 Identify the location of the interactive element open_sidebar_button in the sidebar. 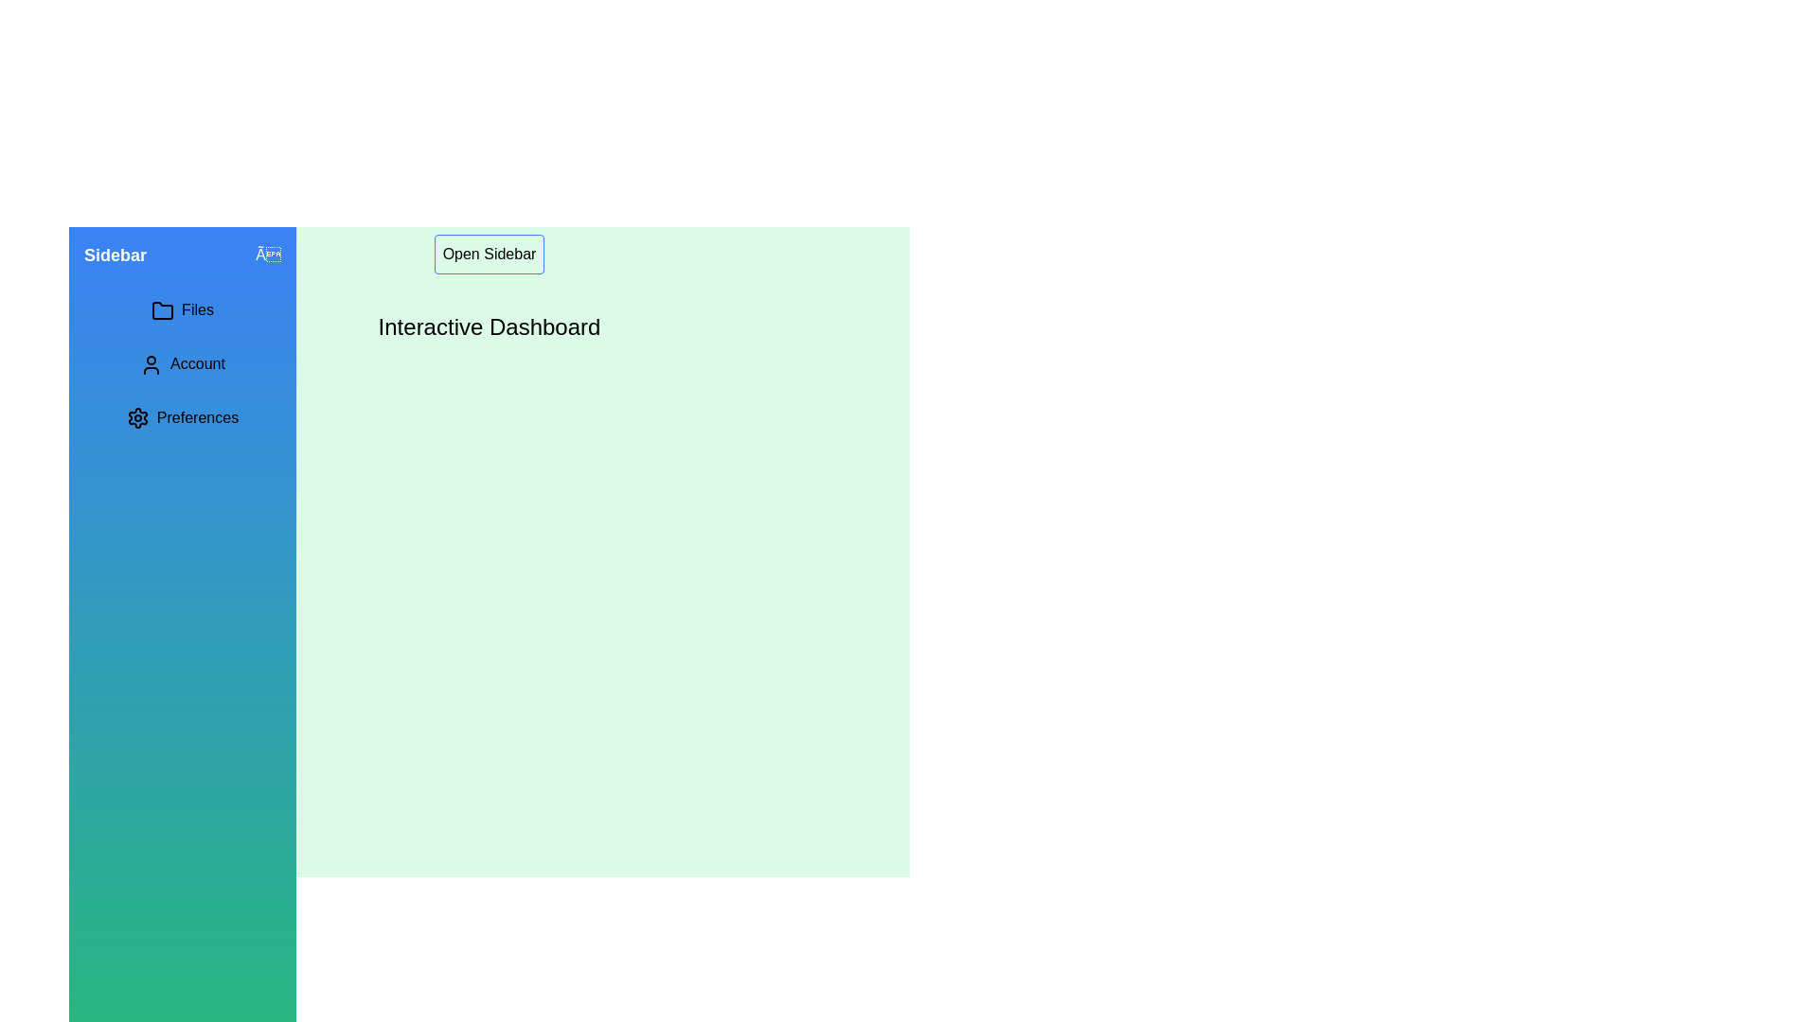
(490, 254).